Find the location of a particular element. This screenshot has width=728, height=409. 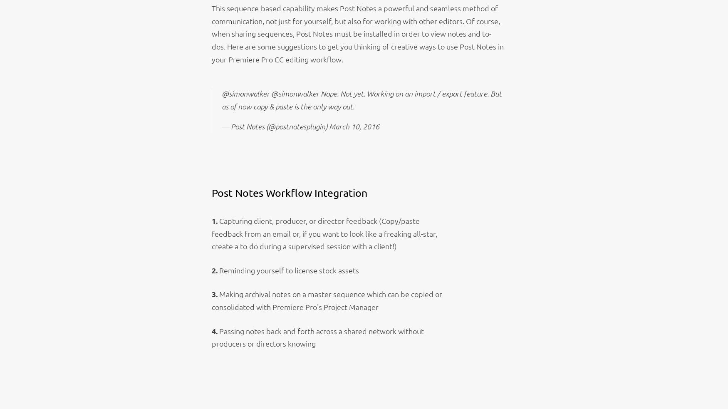

'2.' is located at coordinates (214, 270).